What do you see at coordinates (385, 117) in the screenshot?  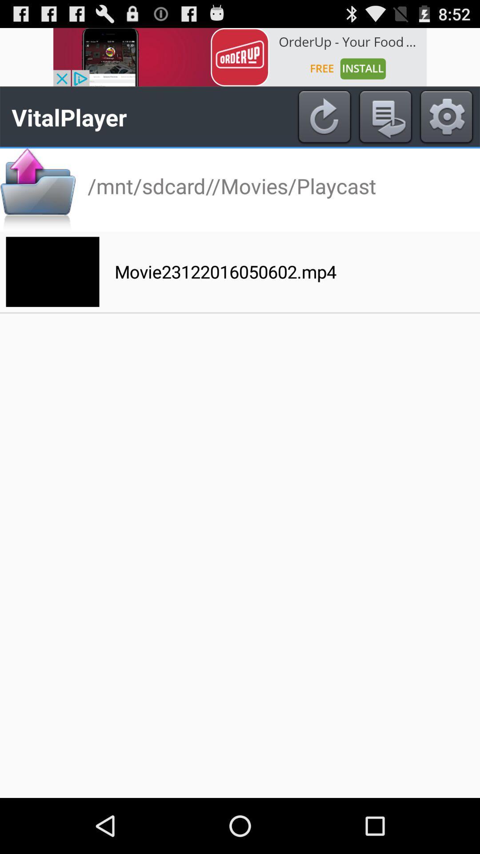 I see `saved` at bounding box center [385, 117].